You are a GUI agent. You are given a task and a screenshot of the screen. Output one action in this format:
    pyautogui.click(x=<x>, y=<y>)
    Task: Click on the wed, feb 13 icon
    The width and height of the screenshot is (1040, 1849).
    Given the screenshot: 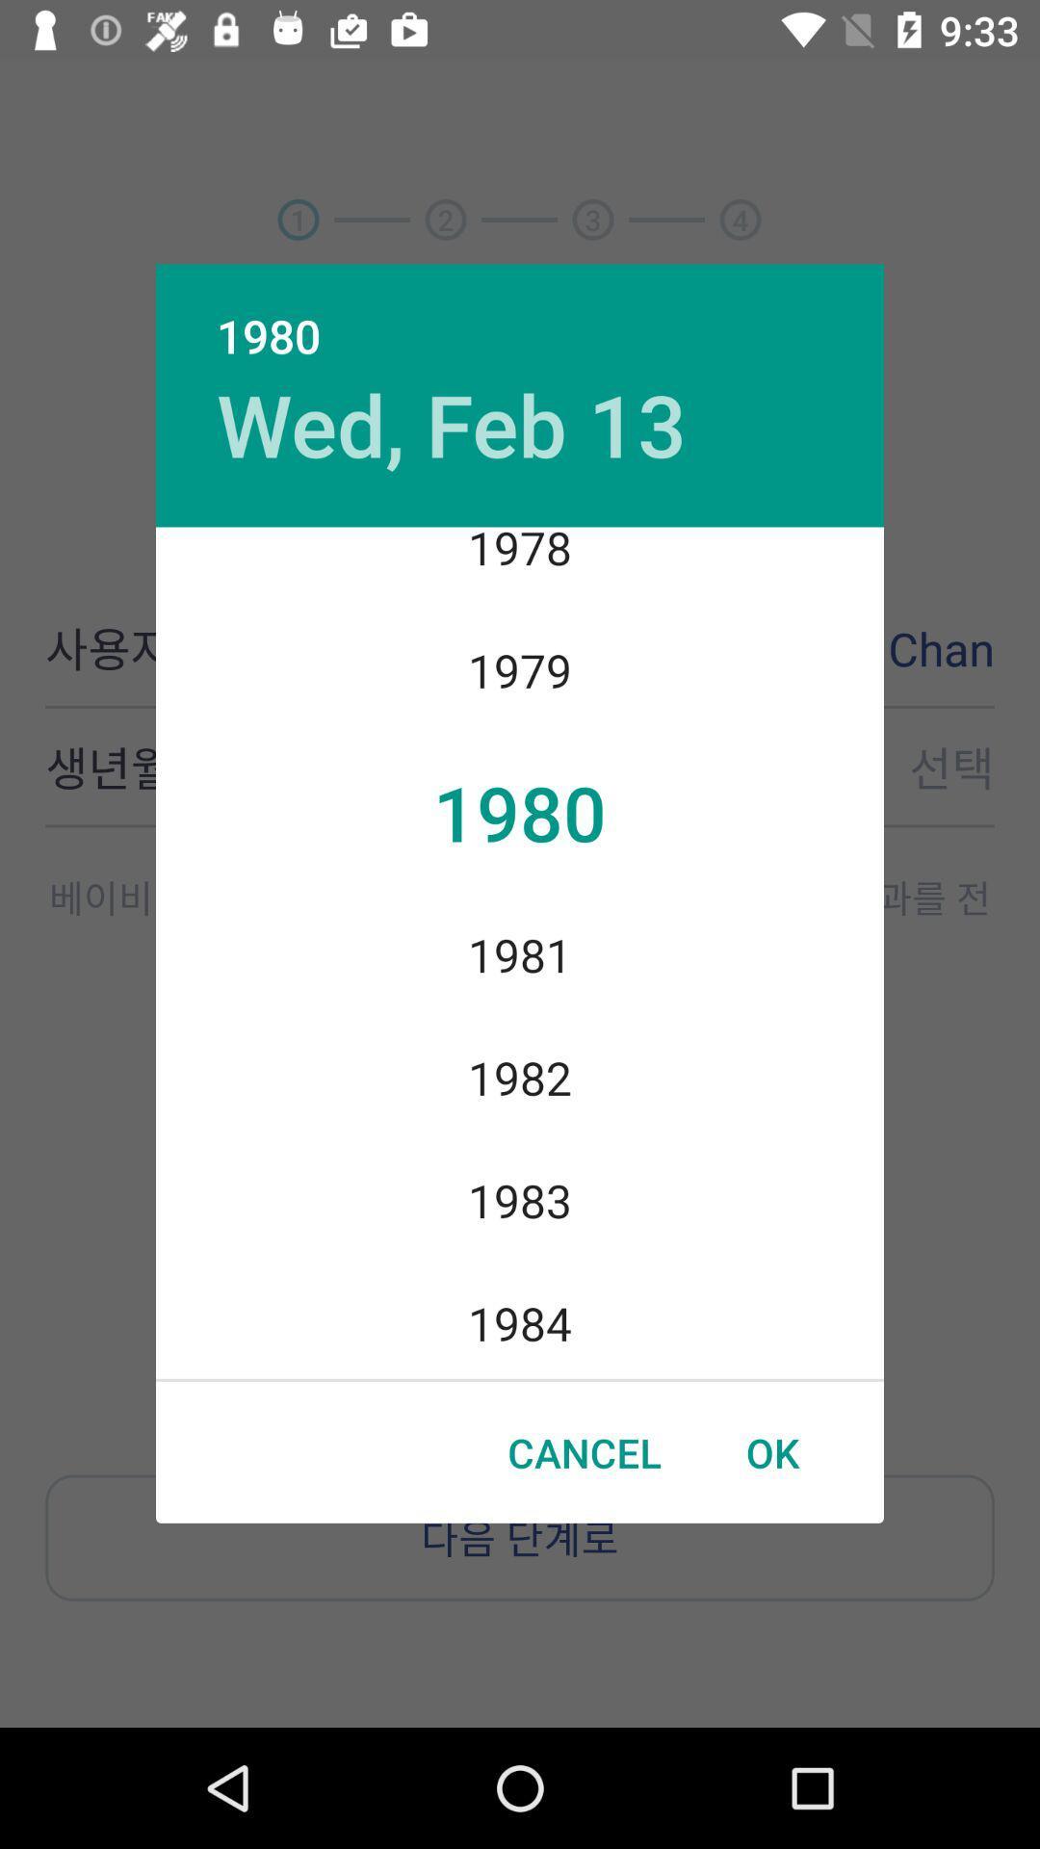 What is the action you would take?
    pyautogui.click(x=452, y=423)
    